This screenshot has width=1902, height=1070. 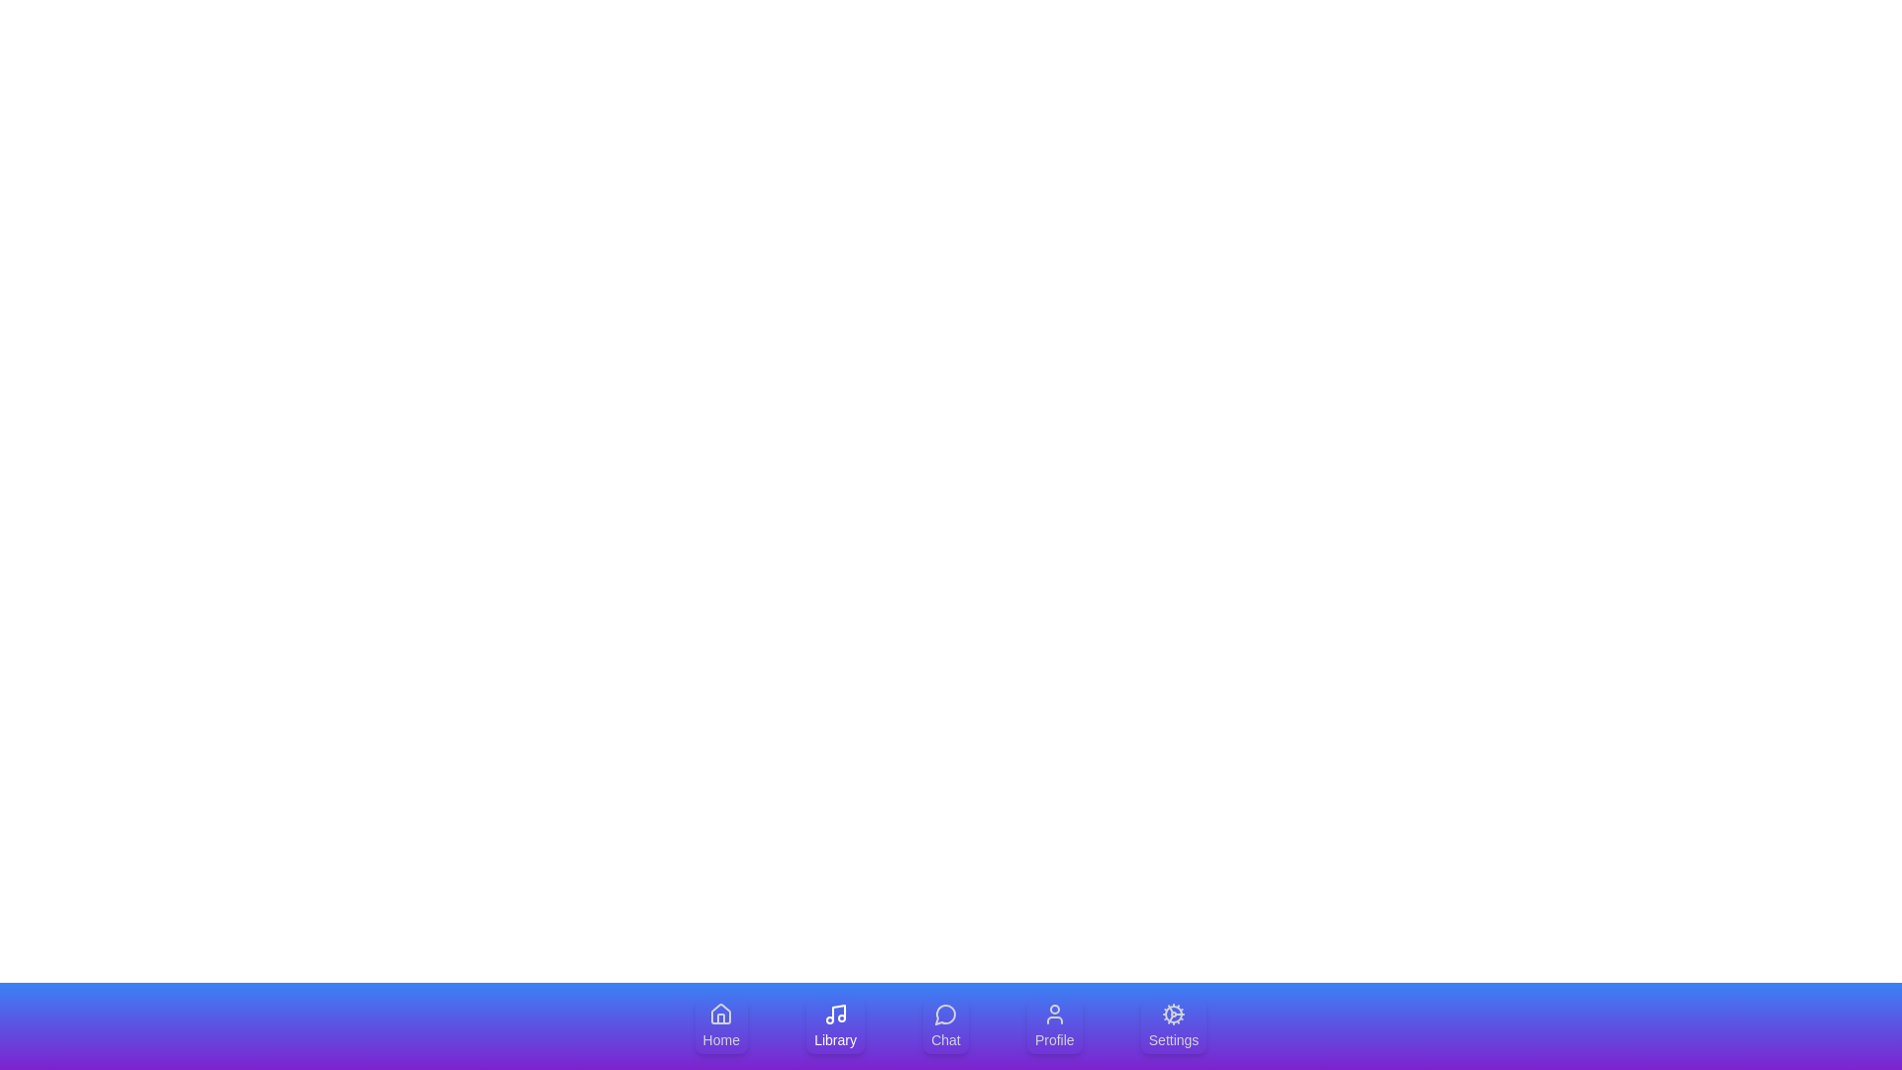 I want to click on the Profile tab to observe the hover effect, so click(x=1053, y=1025).